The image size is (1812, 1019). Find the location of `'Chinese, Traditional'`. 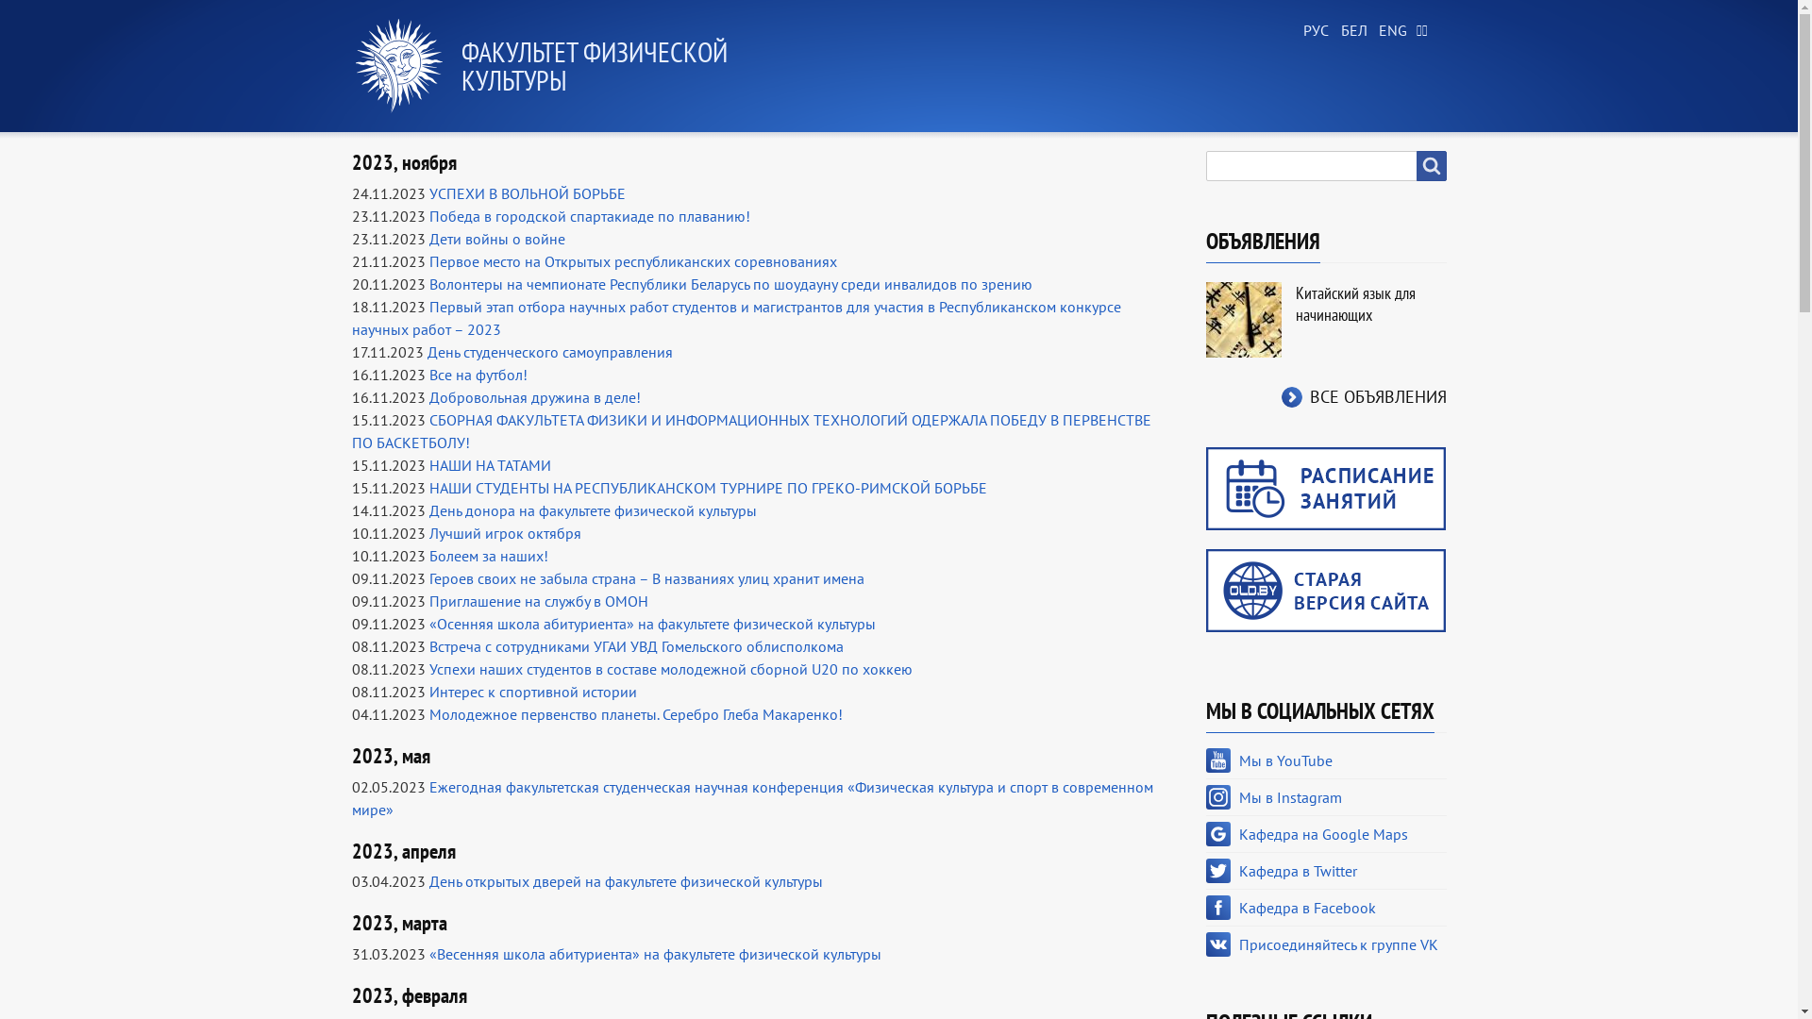

'Chinese, Traditional' is located at coordinates (1427, 31).